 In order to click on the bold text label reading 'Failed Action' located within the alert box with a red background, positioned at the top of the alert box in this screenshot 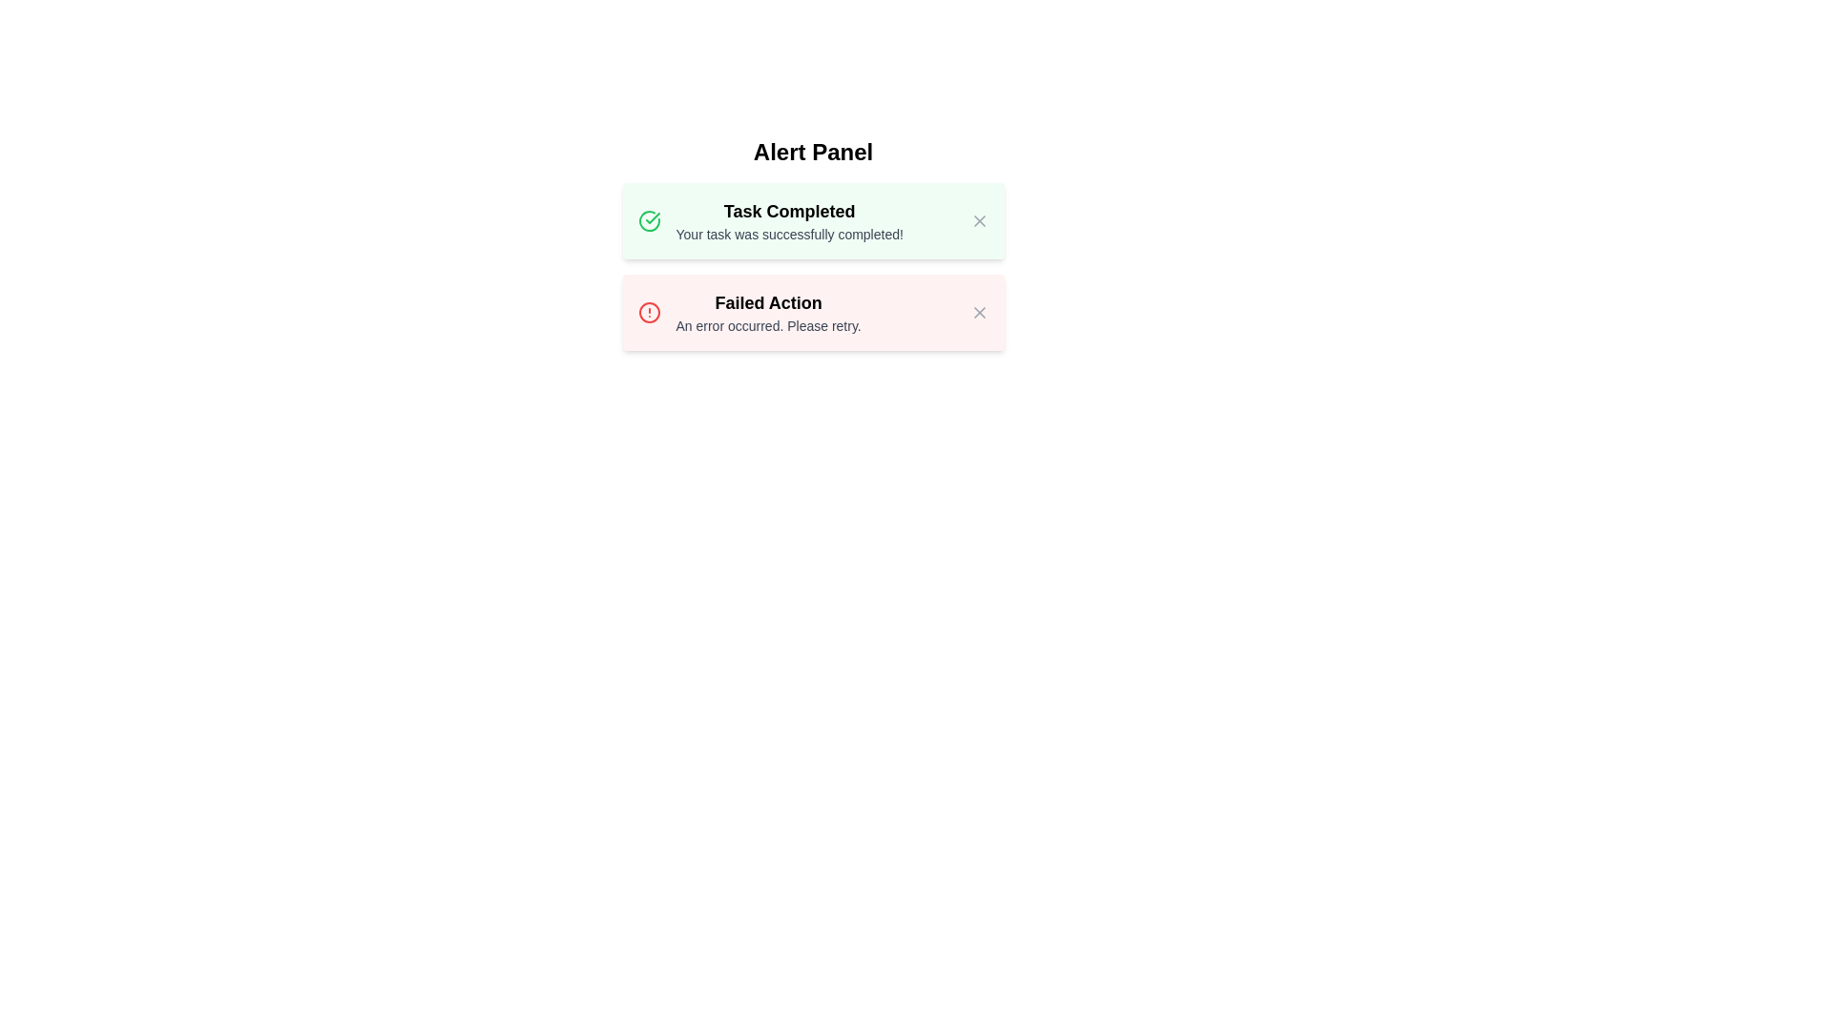, I will do `click(768, 301)`.